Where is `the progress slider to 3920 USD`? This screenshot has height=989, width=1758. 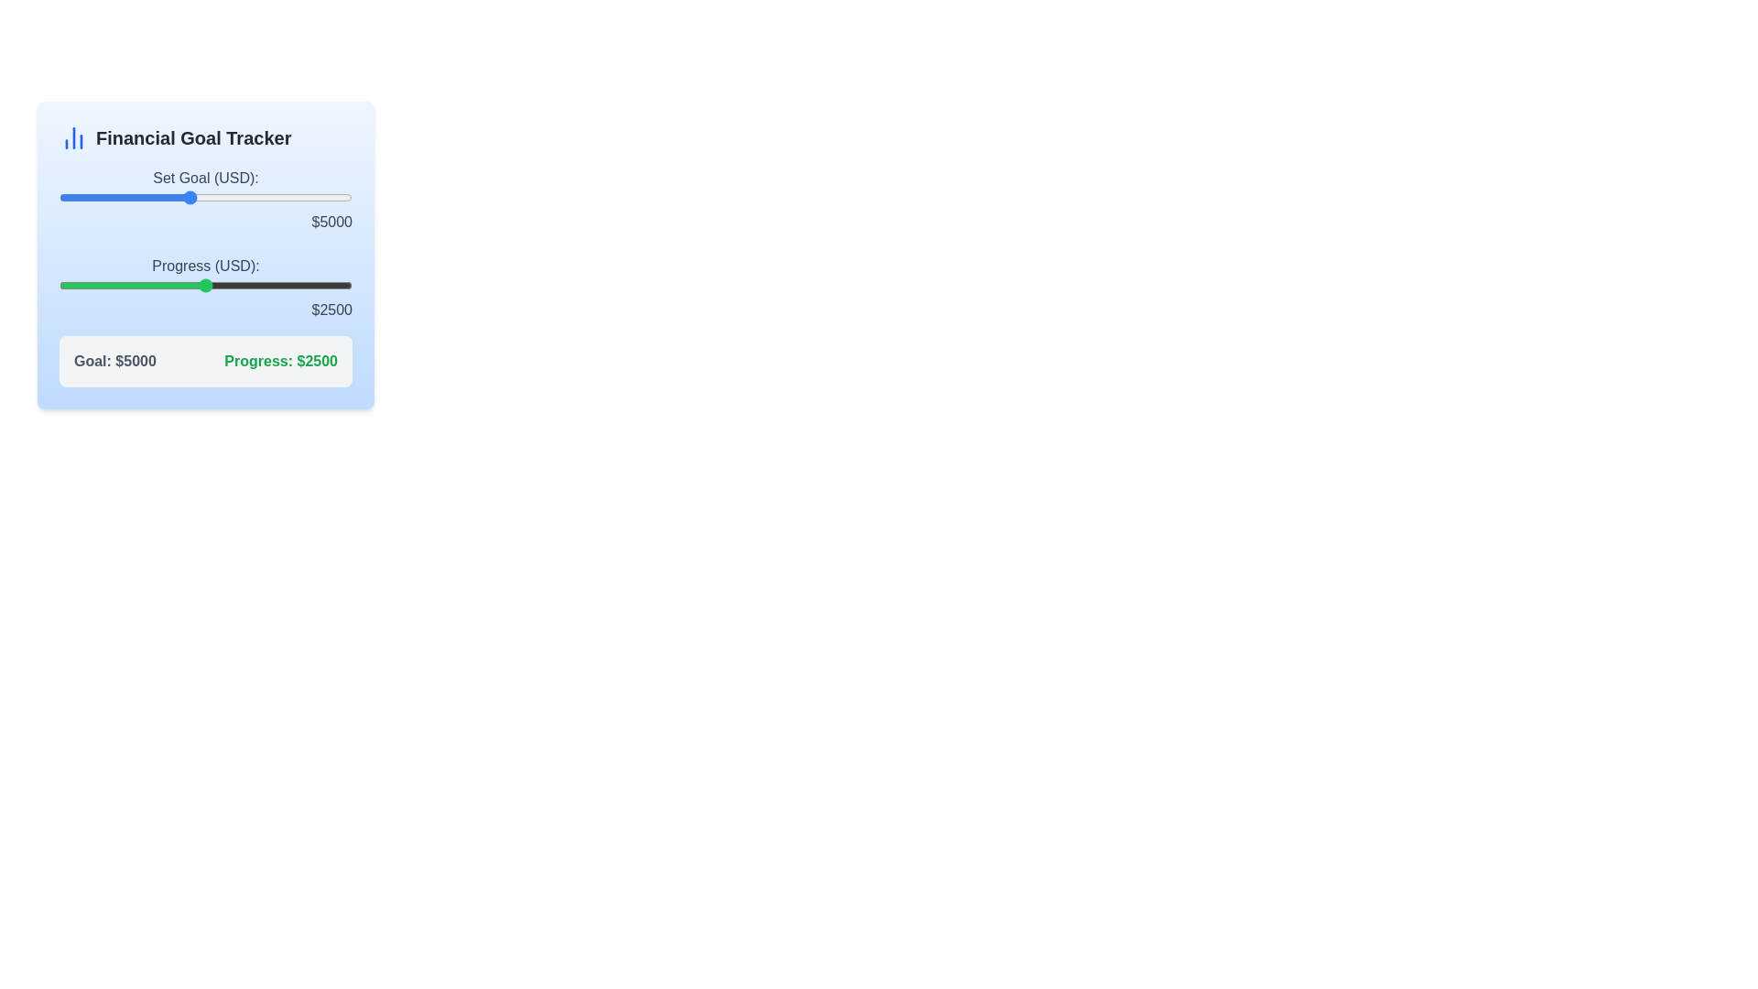
the progress slider to 3920 USD is located at coordinates (288, 286).